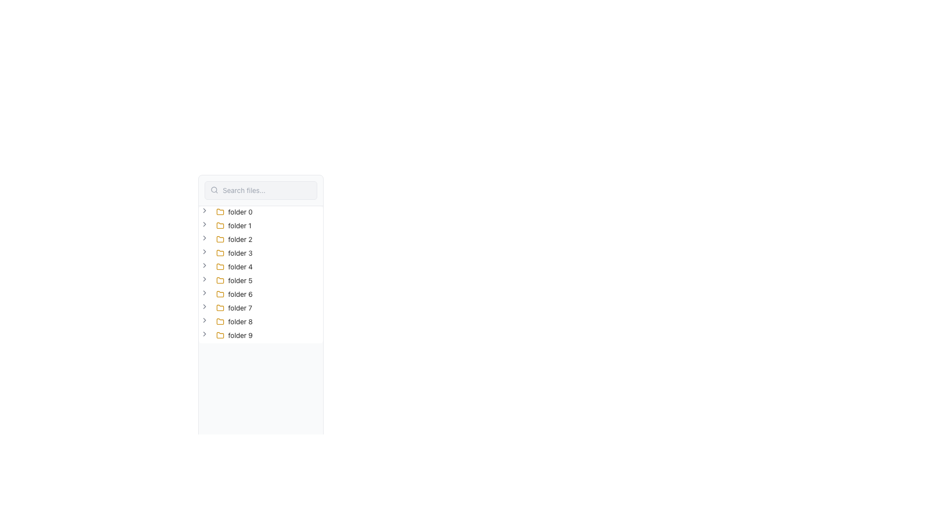 The image size is (940, 529). Describe the element at coordinates (204, 226) in the screenshot. I see `the toggle control located to the left of the 'folder 1' label` at that location.